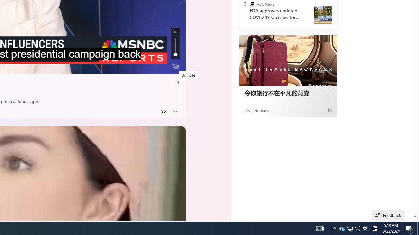 This screenshot has height=235, width=419. I want to click on 'More', so click(175, 112).